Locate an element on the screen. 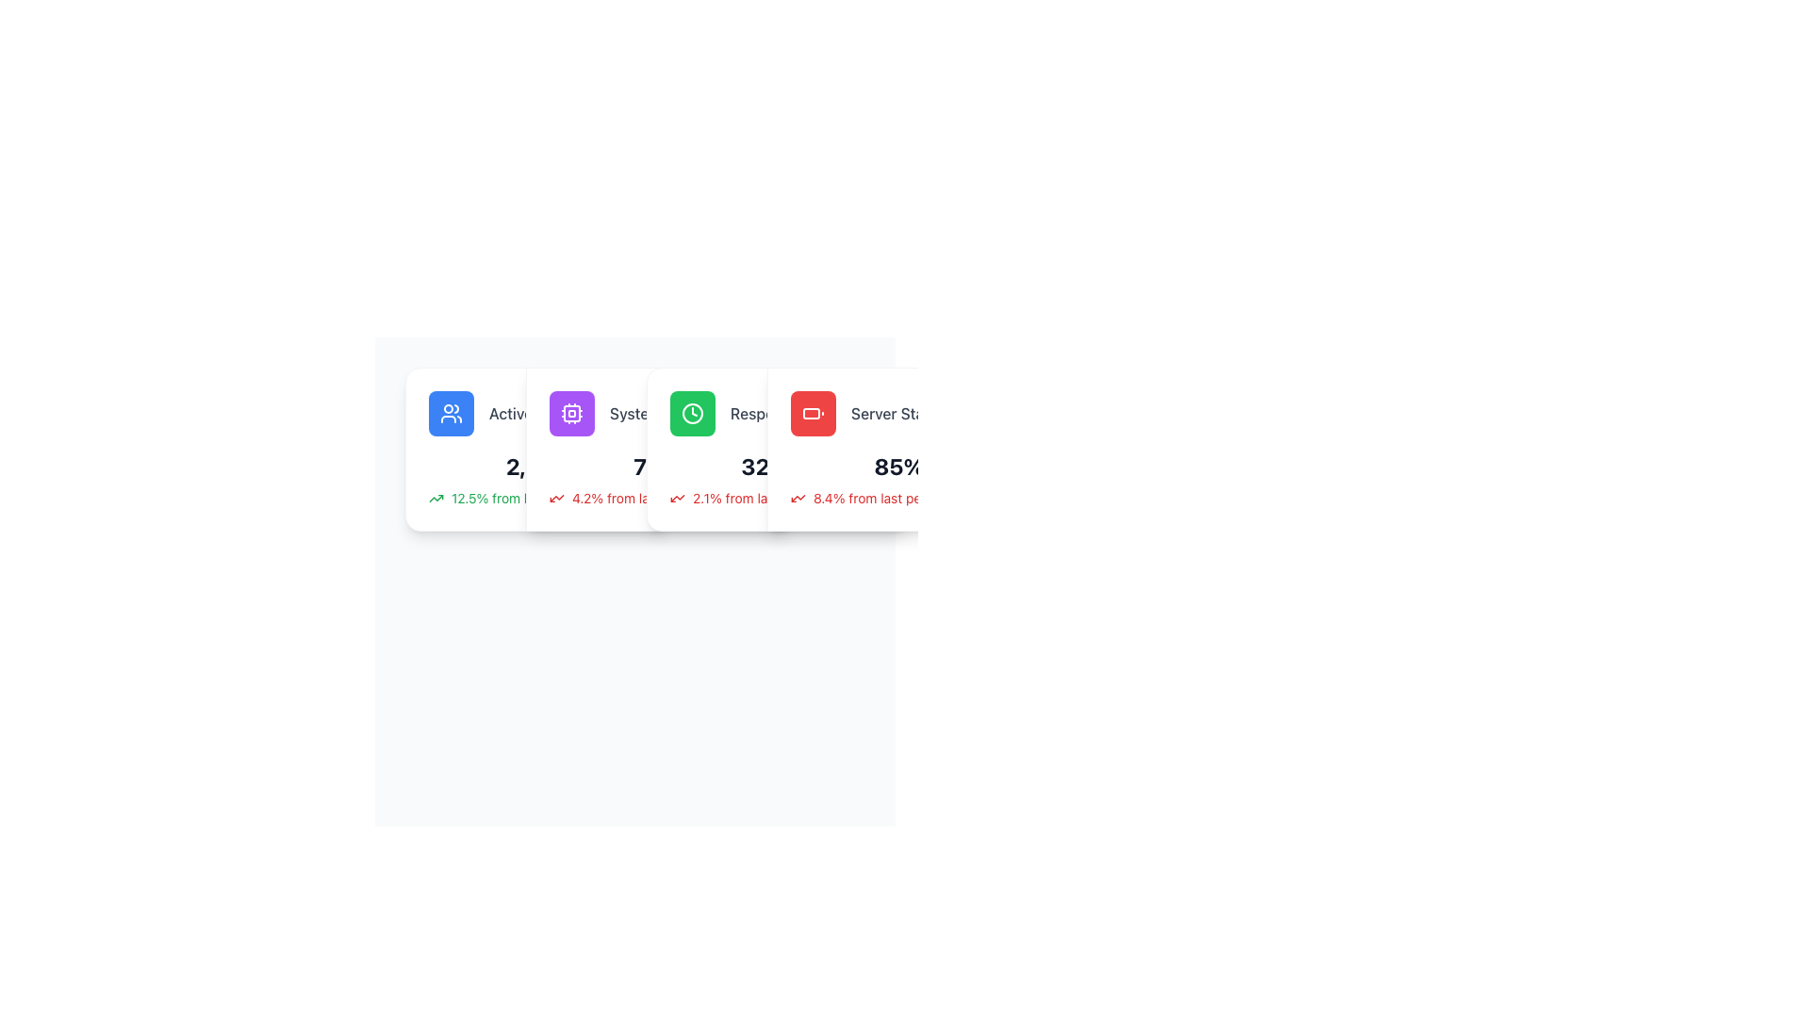  the Statistical metric display which shows '85%' as the primary metric and '8.4% from last period' as the status note is located at coordinates (898, 479).